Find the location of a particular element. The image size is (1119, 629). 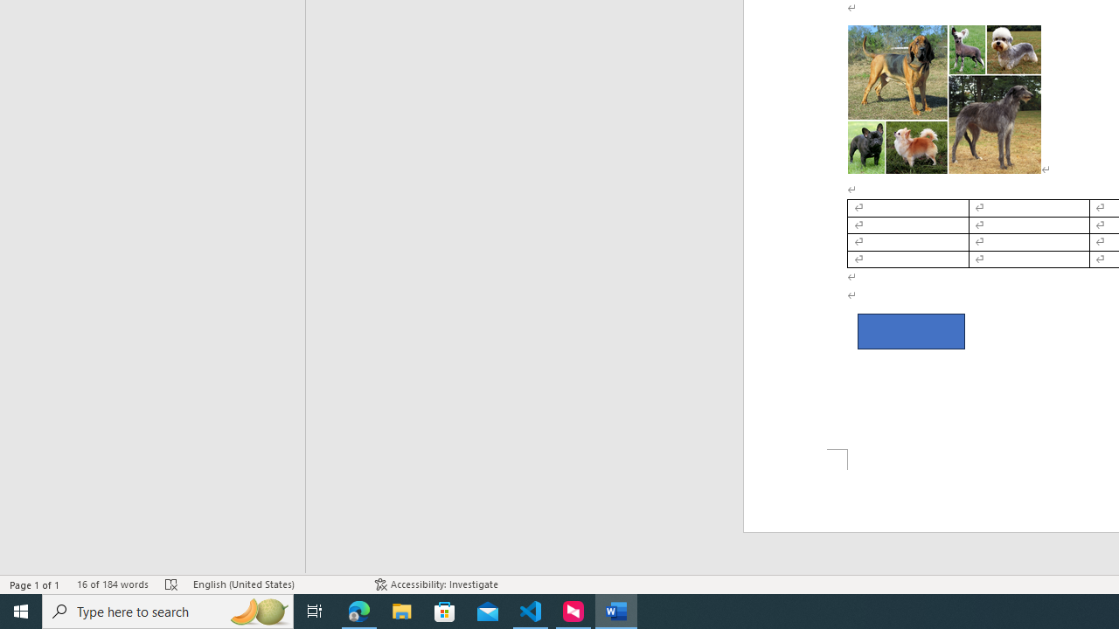

'Rectangle 2' is located at coordinates (909, 331).